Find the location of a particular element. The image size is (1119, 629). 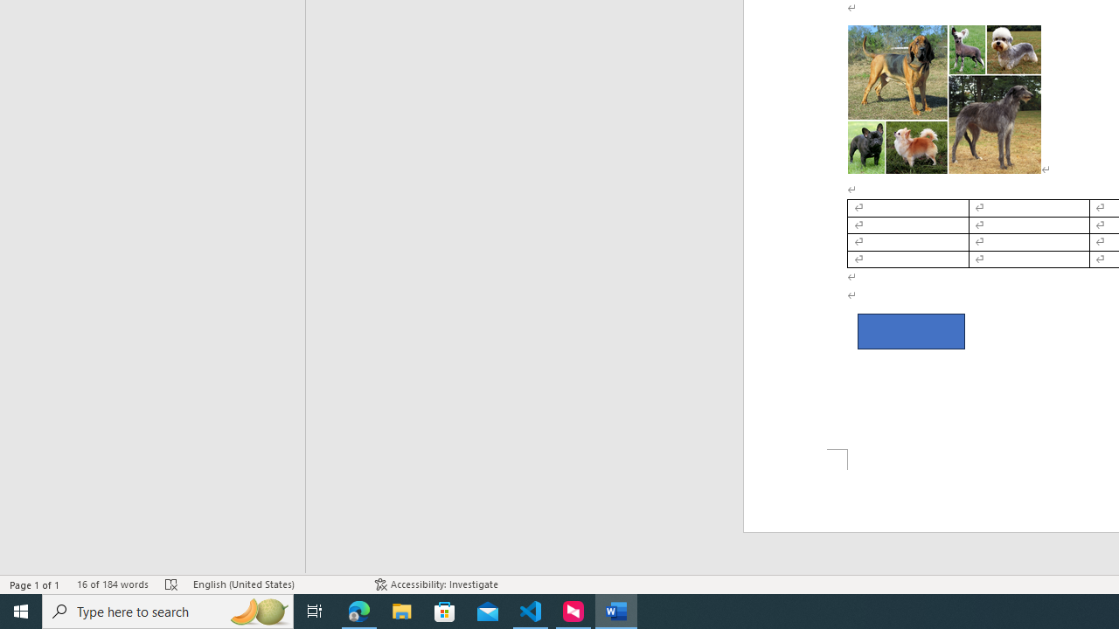

'Rectangle 2' is located at coordinates (909, 331).